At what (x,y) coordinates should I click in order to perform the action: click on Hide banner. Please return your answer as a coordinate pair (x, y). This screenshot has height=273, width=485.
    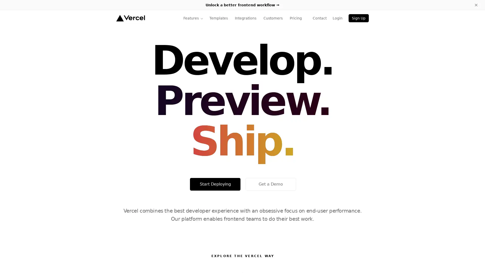
    Looking at the image, I should click on (476, 5).